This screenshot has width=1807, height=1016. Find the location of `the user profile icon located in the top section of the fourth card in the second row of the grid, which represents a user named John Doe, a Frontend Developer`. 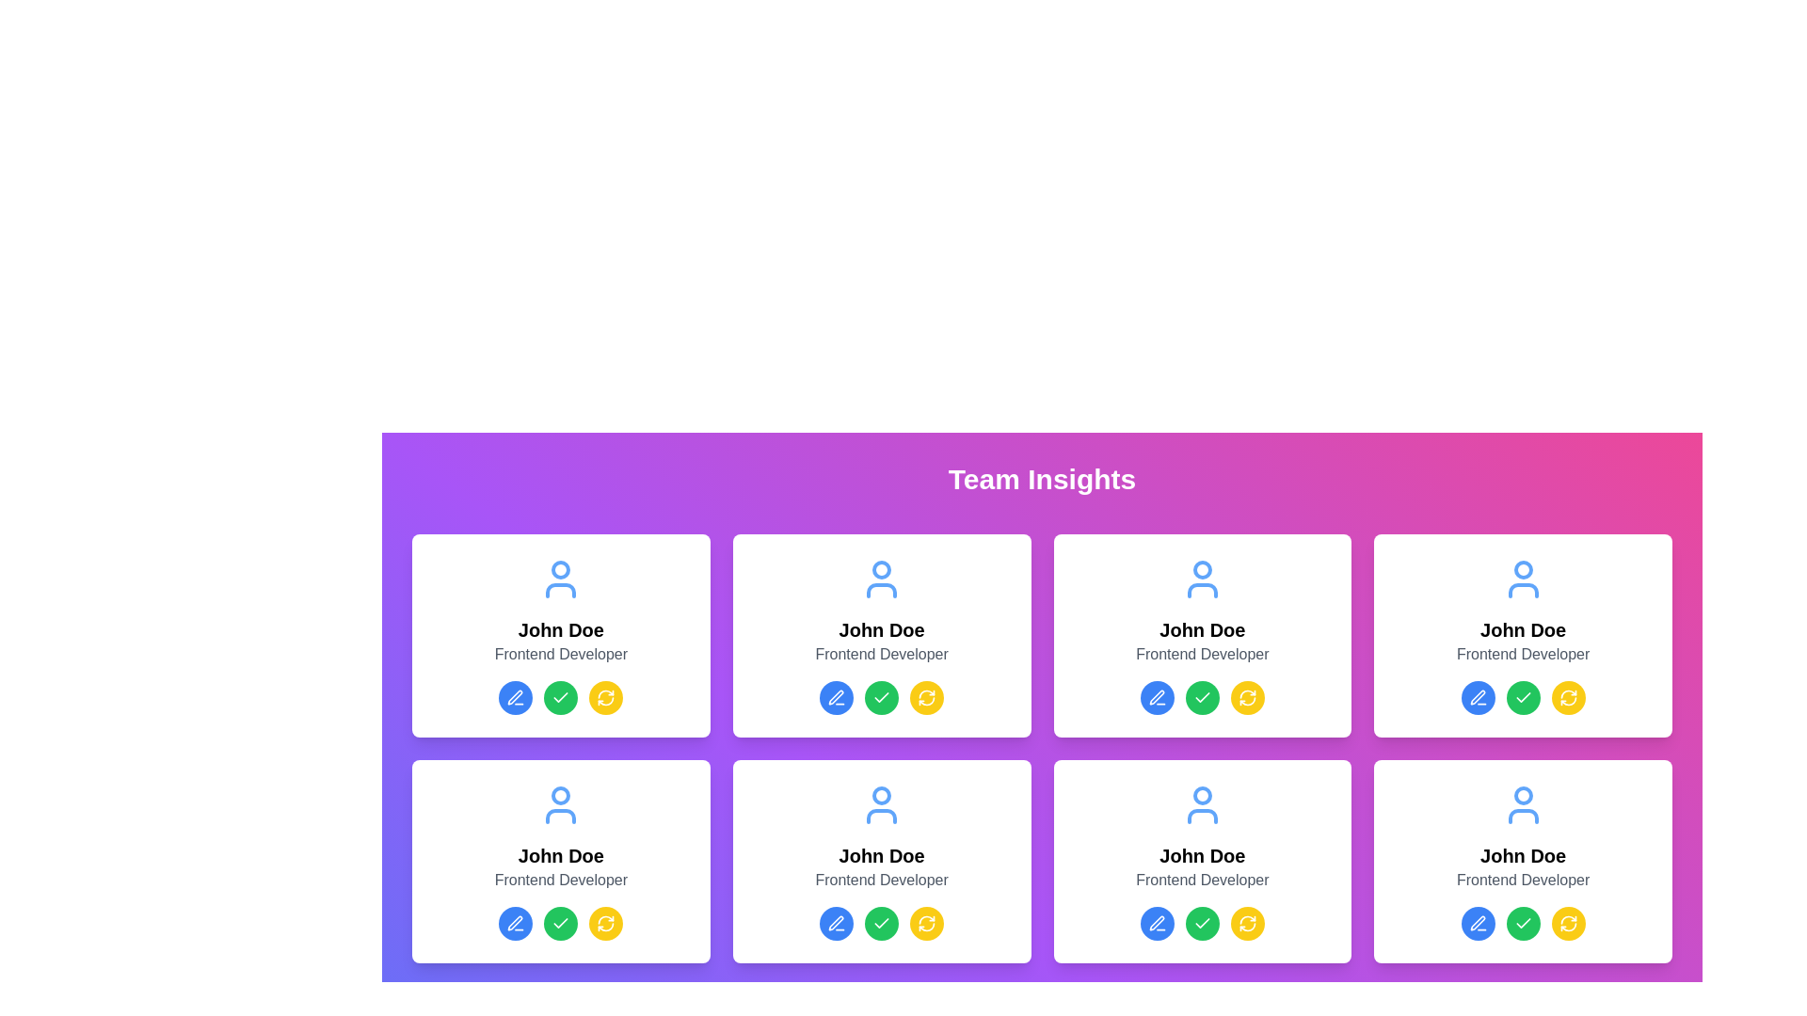

the user profile icon located in the top section of the fourth card in the second row of the grid, which represents a user named John Doe, a Frontend Developer is located at coordinates (1523, 804).